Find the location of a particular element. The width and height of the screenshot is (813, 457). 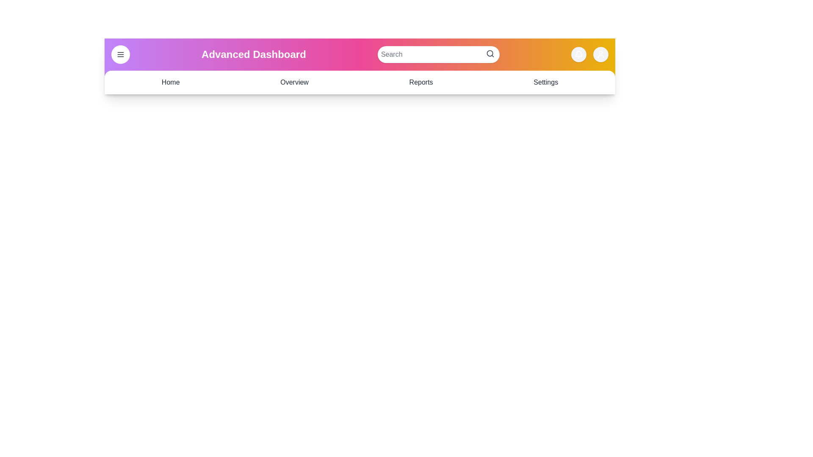

menu button to toggle the menu is located at coordinates (120, 54).